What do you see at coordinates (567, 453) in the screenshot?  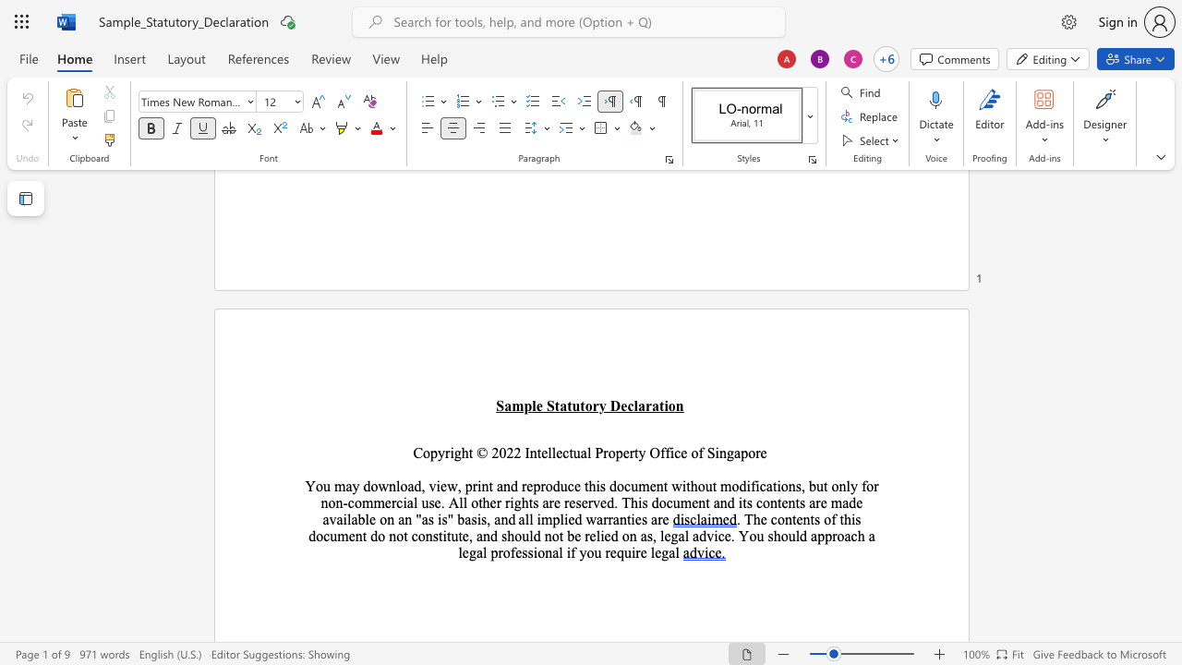 I see `the space between the continuous character "c" and "t" in the text` at bounding box center [567, 453].